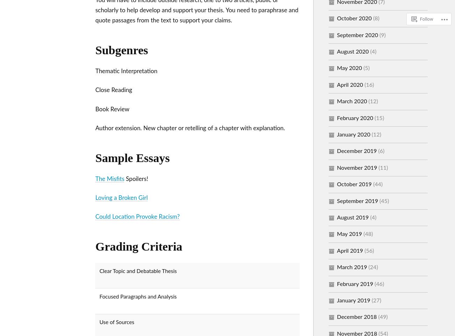 This screenshot has height=336, width=455. I want to click on 'November 2019', so click(356, 168).